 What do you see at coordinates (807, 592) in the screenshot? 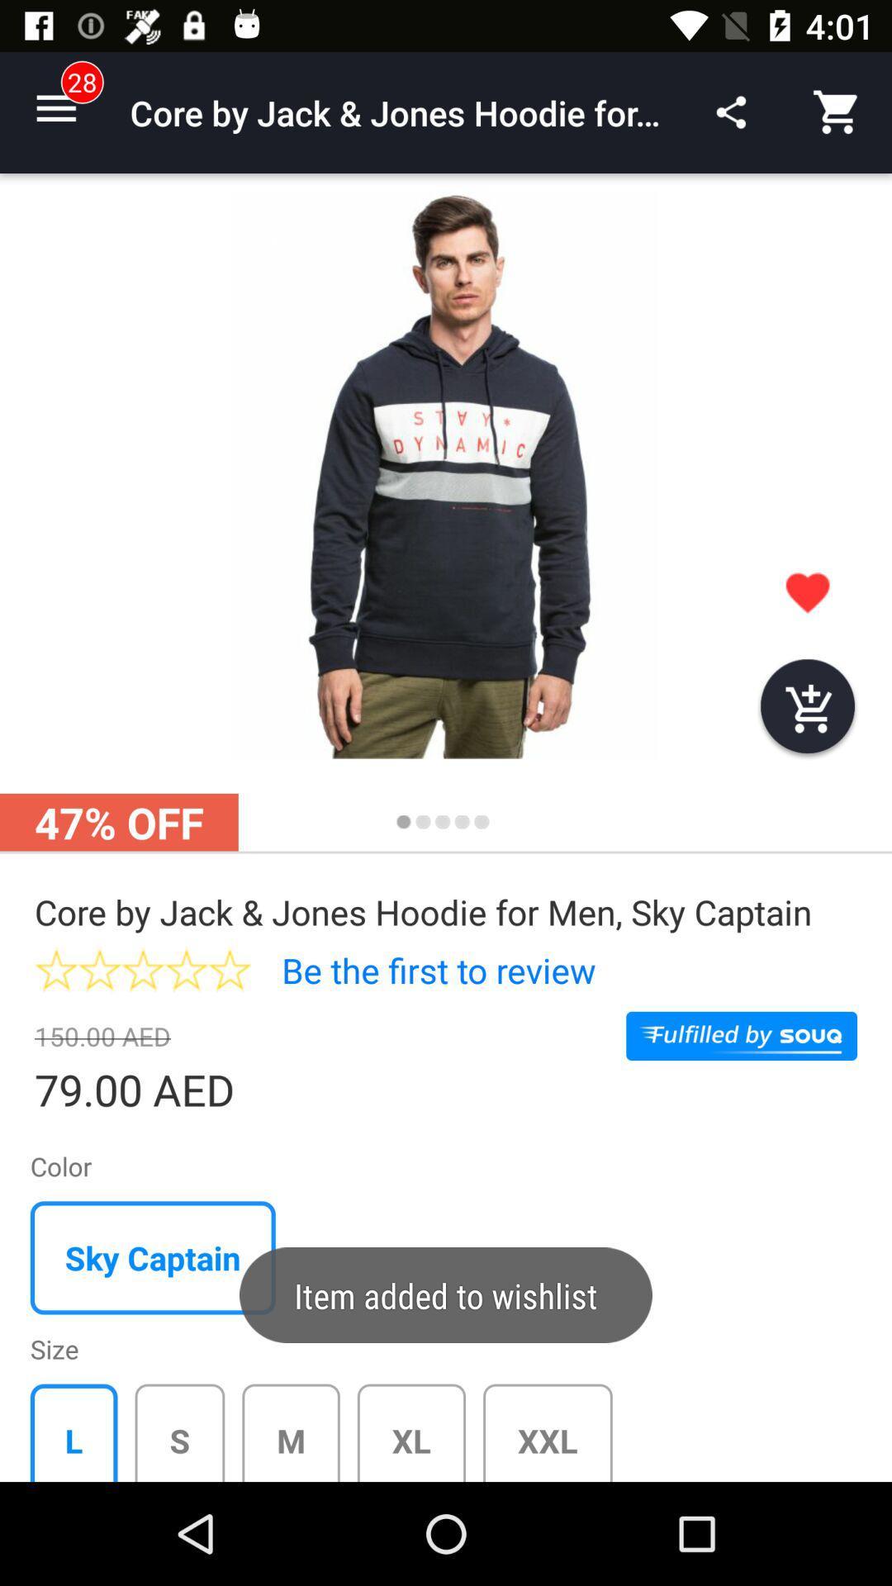
I see `the favorite icon` at bounding box center [807, 592].